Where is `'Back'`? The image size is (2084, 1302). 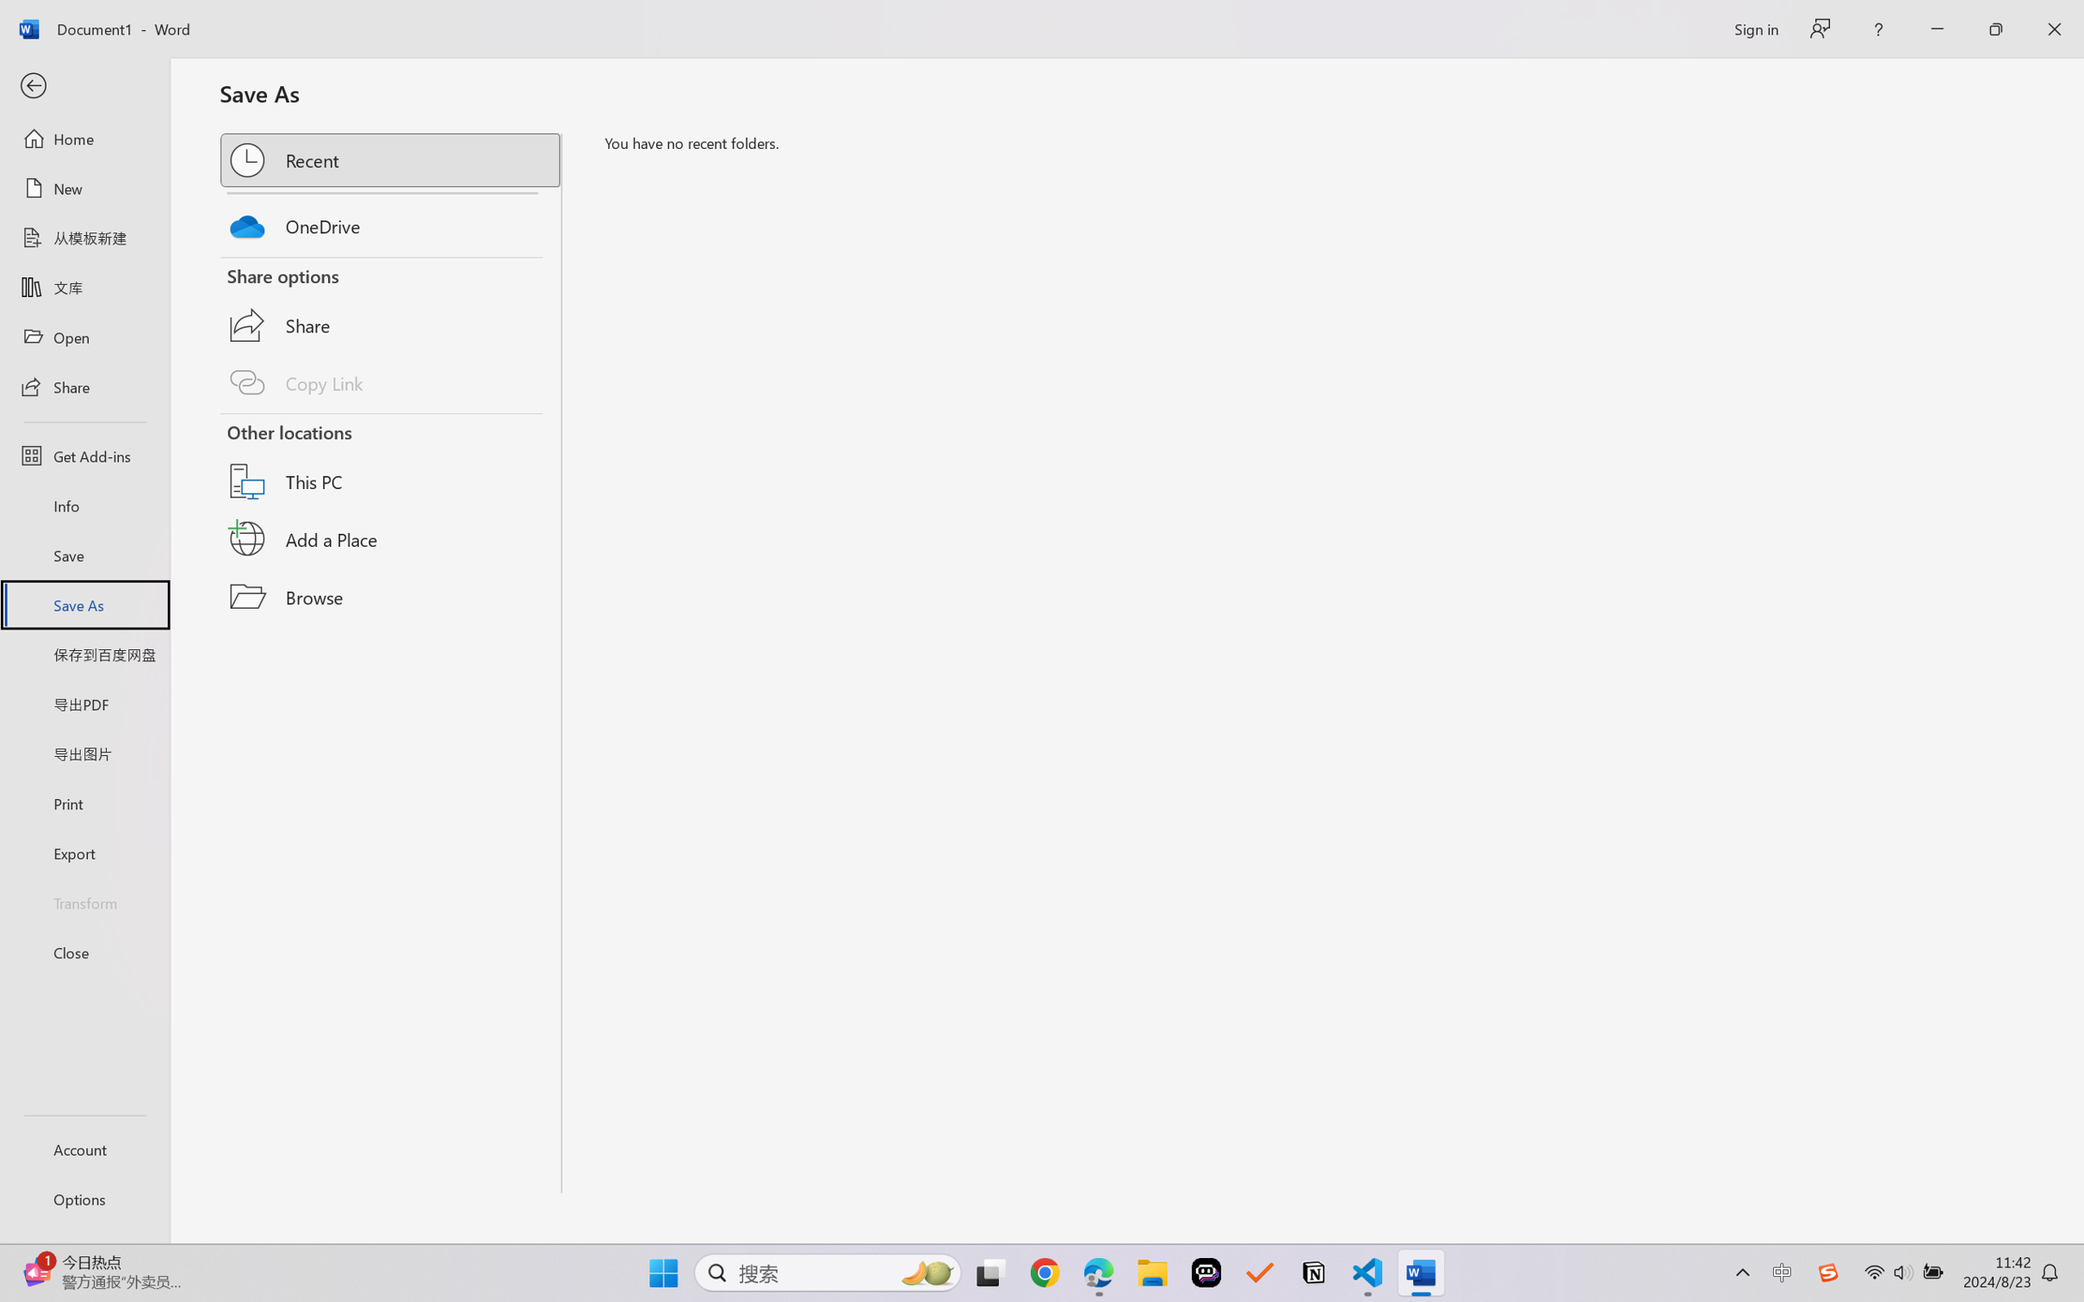
'Back' is located at coordinates (84, 86).